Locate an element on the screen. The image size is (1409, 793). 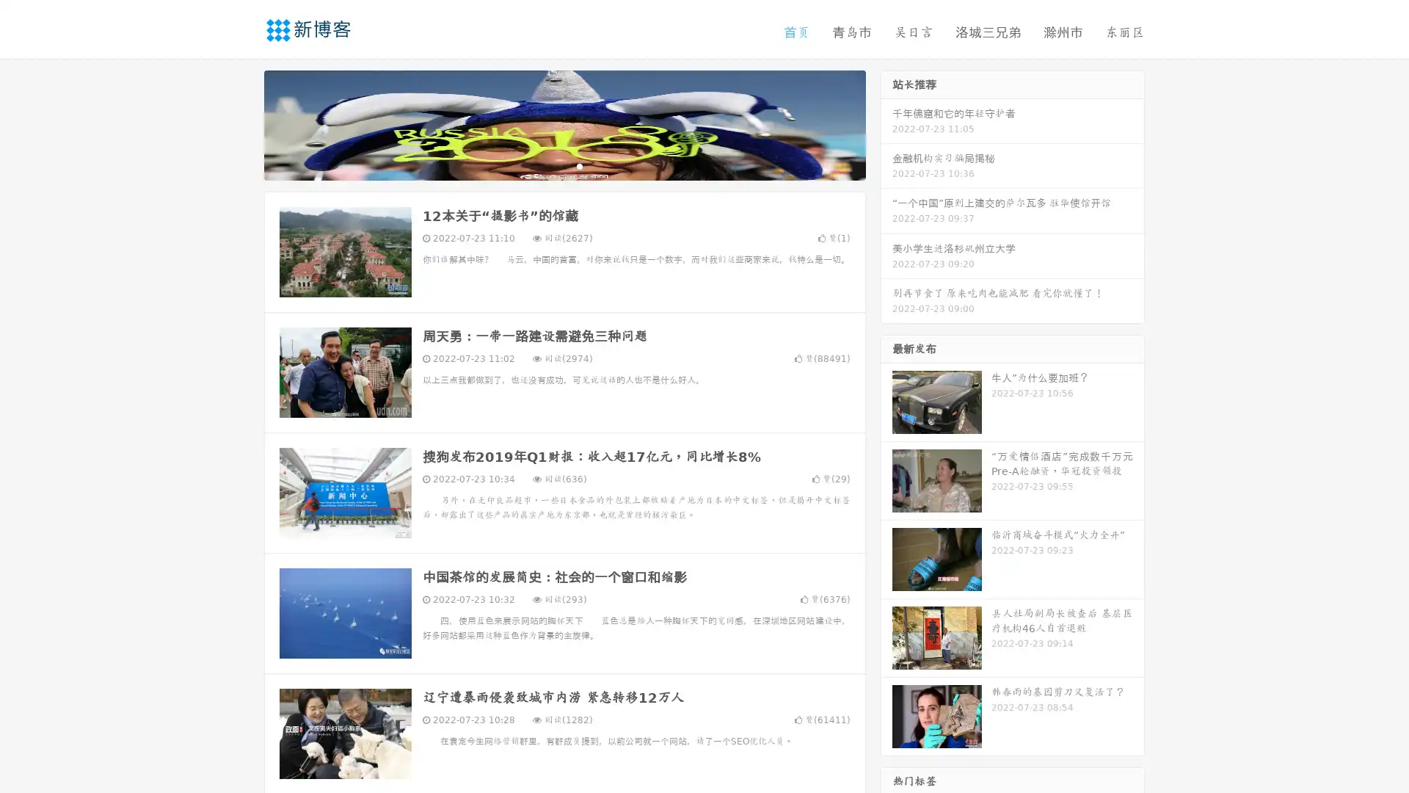
Go to slide 3 is located at coordinates (579, 165).